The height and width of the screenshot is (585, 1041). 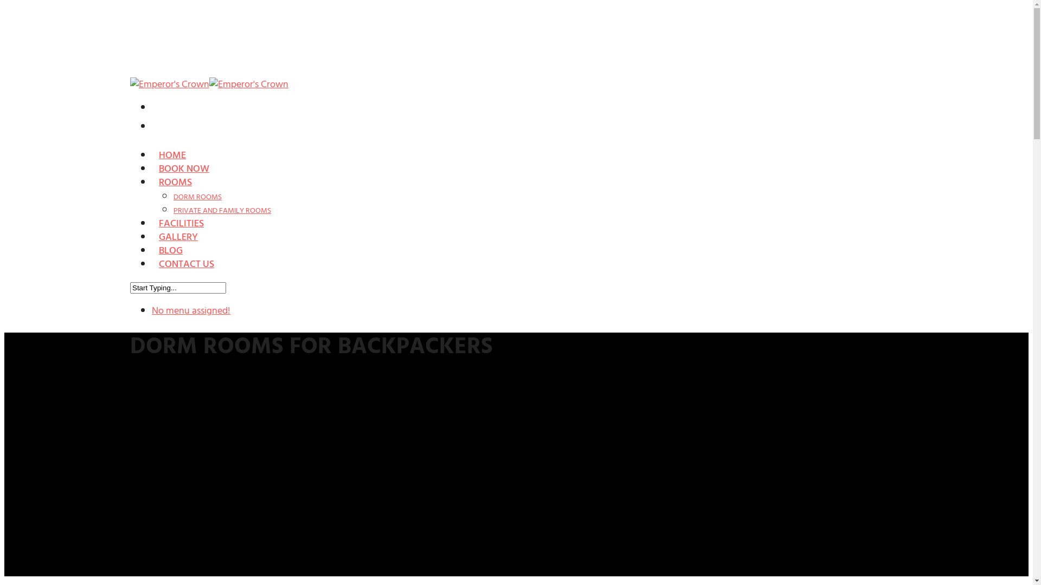 What do you see at coordinates (173, 197) in the screenshot?
I see `'DORM ROOMS'` at bounding box center [173, 197].